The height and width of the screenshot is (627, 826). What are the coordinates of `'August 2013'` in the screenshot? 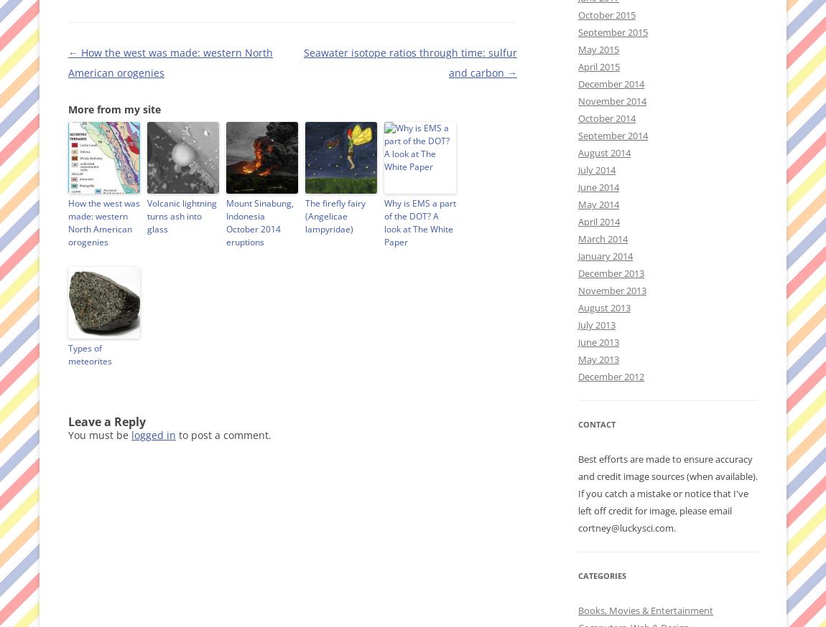 It's located at (603, 307).